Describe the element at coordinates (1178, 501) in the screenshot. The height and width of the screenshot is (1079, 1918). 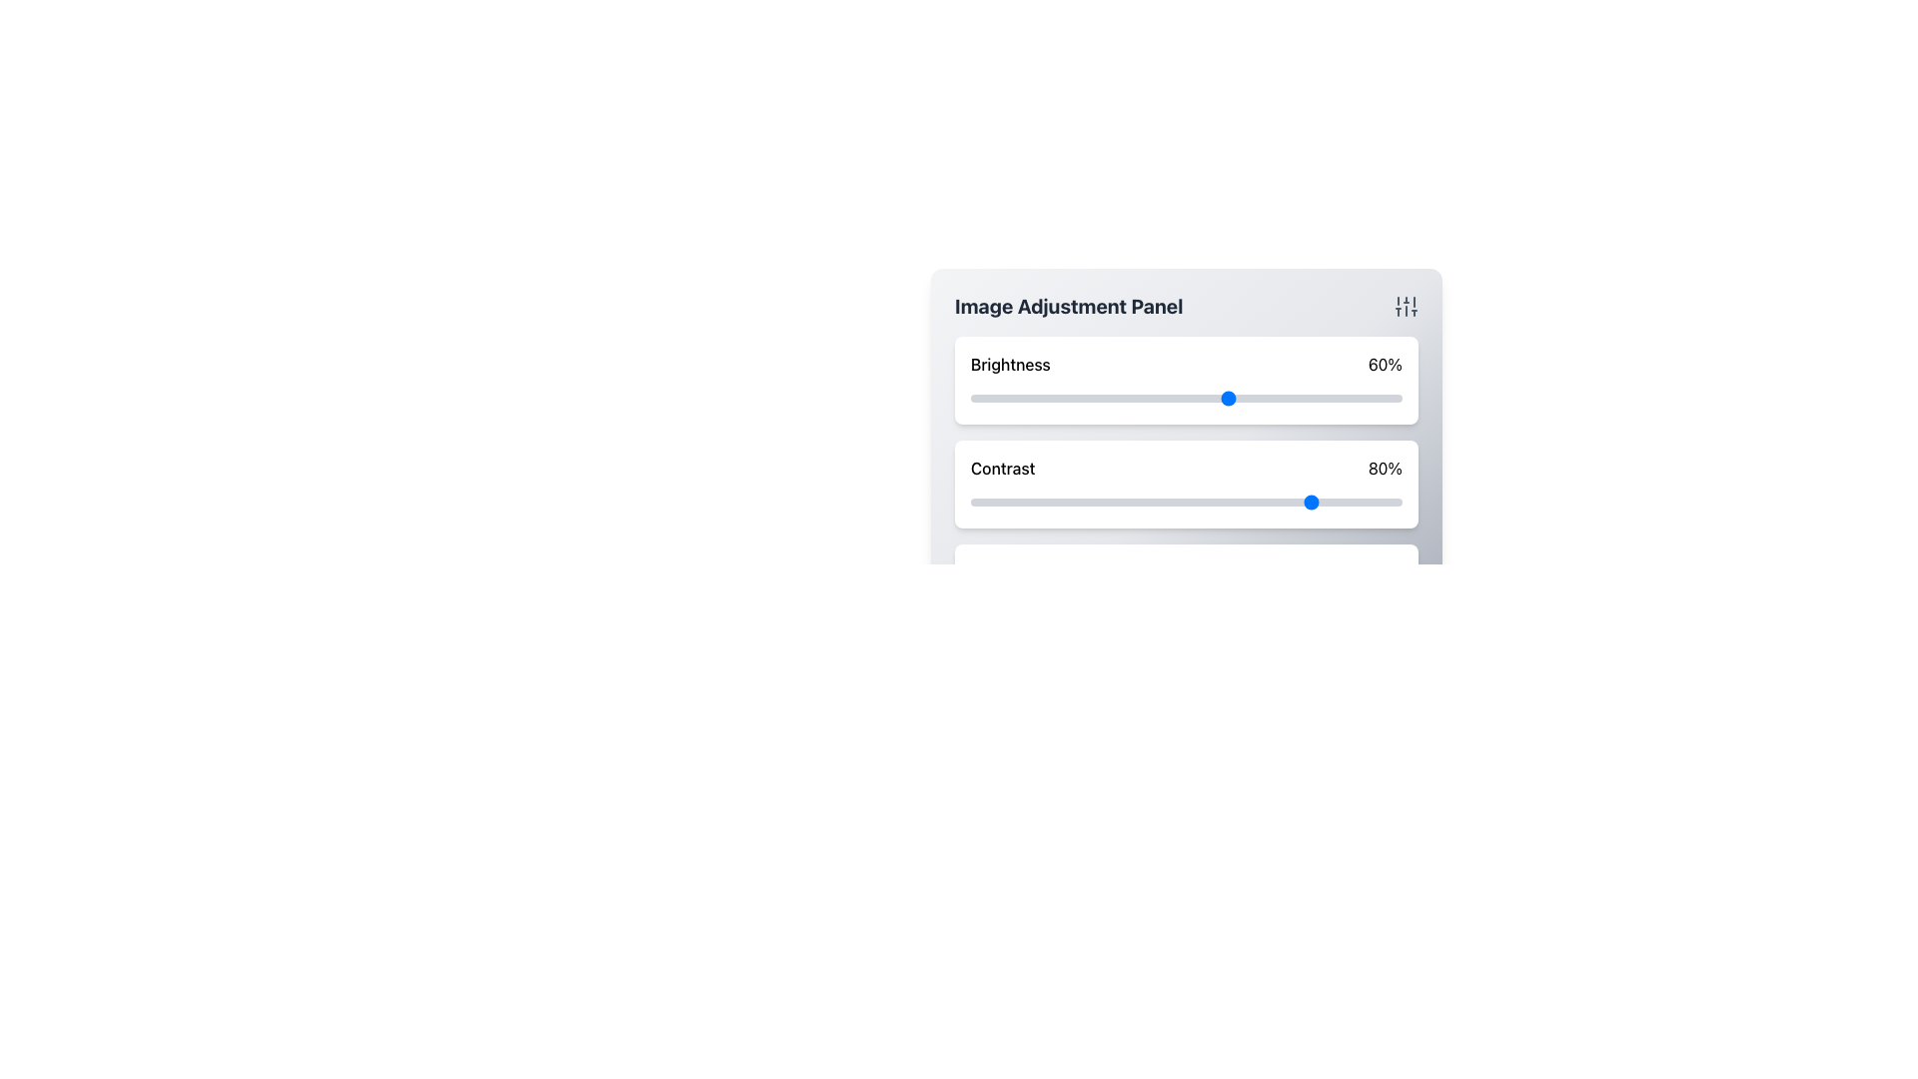
I see `contrast` at that location.